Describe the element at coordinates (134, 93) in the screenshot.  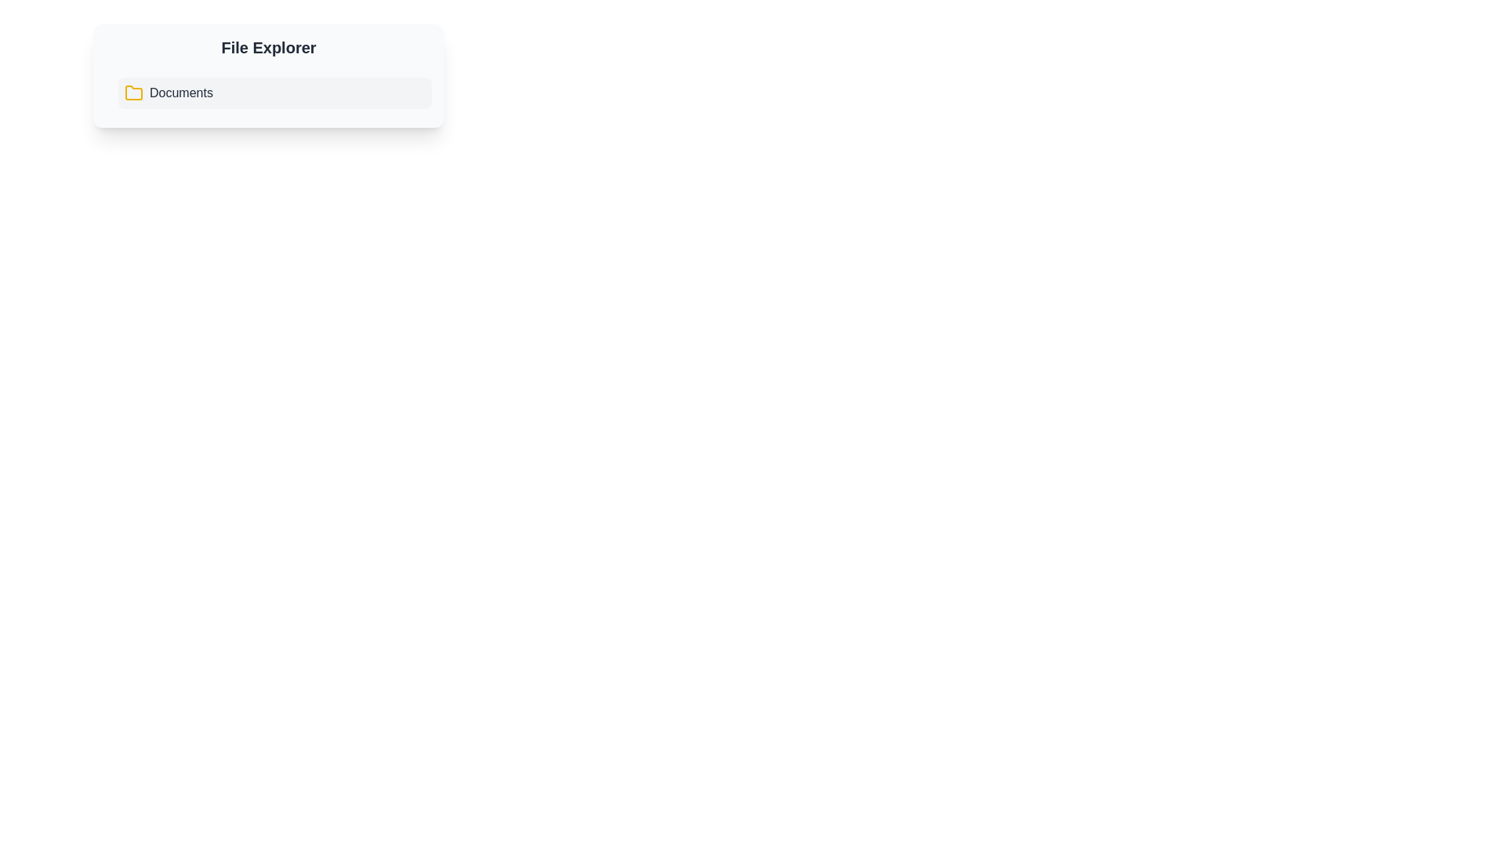
I see `the yellow folder icon located to the left of the 'Documents' label in the file explorer interface` at that location.